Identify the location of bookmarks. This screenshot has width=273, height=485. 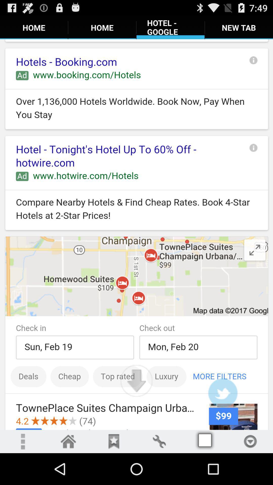
(114, 441).